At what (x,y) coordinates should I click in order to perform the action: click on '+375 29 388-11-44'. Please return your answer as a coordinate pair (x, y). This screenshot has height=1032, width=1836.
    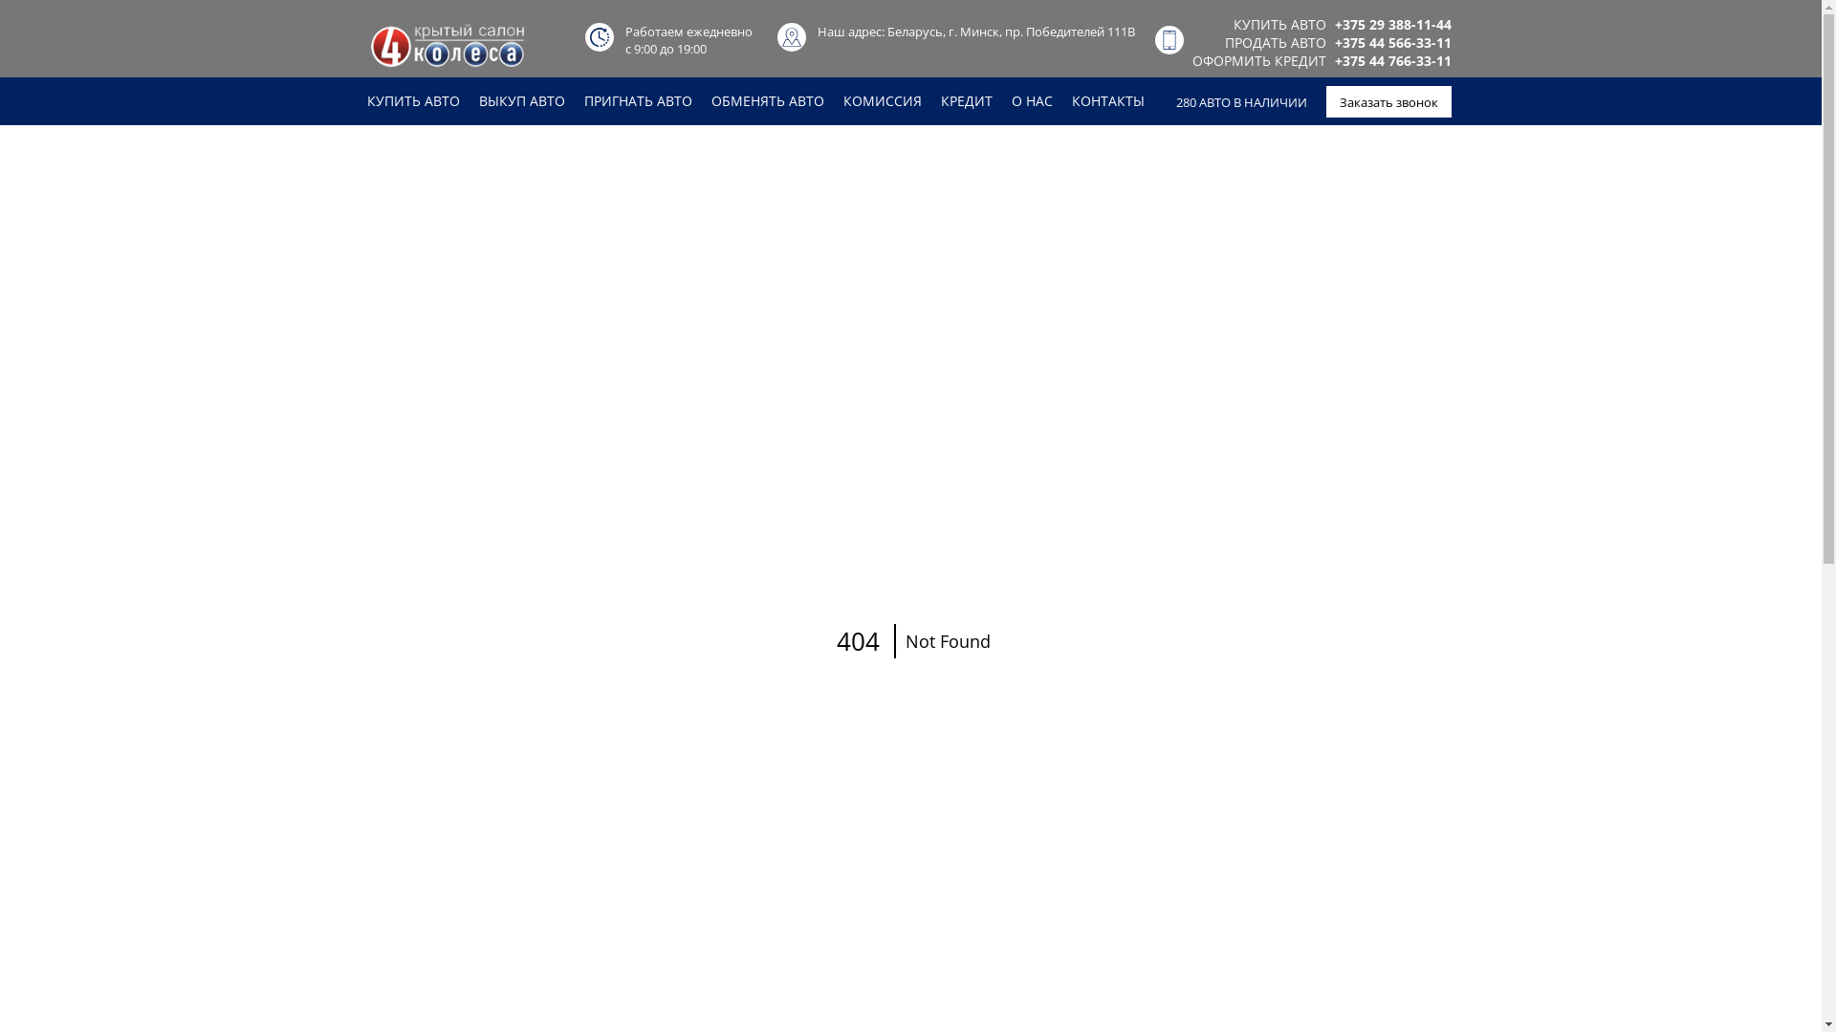
    Looking at the image, I should click on (1393, 24).